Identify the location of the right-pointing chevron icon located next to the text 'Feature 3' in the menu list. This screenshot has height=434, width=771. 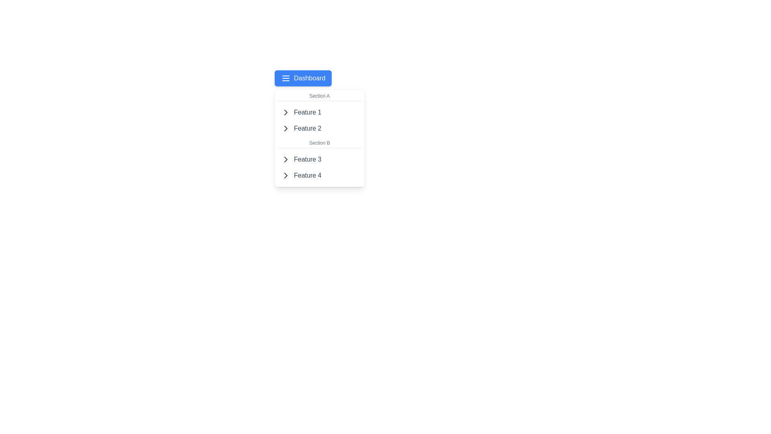
(286, 160).